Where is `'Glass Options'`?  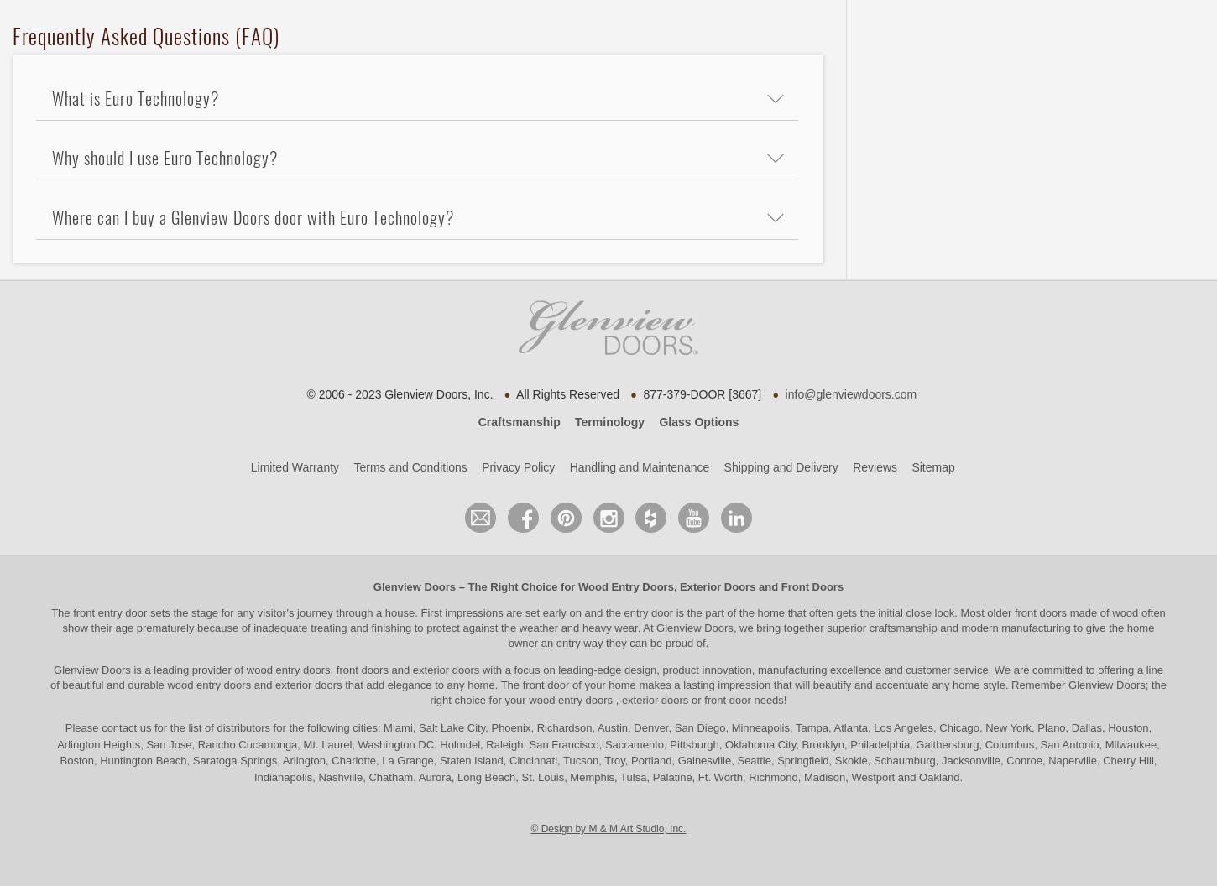 'Glass Options' is located at coordinates (698, 420).